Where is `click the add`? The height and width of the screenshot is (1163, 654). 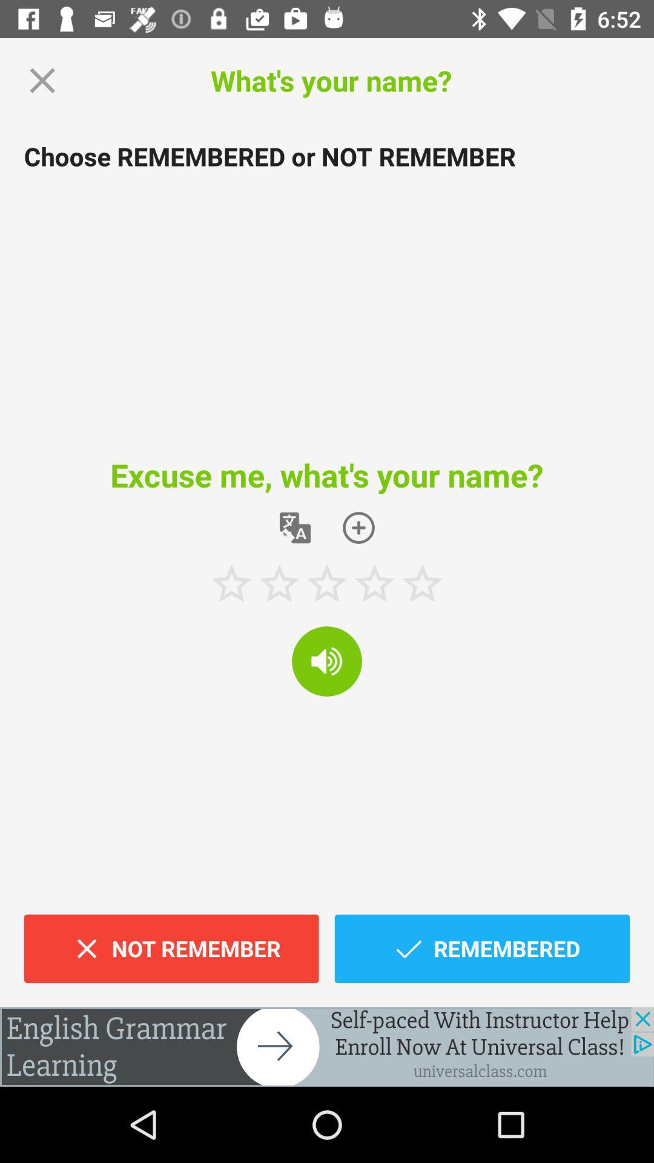
click the add is located at coordinates (327, 1046).